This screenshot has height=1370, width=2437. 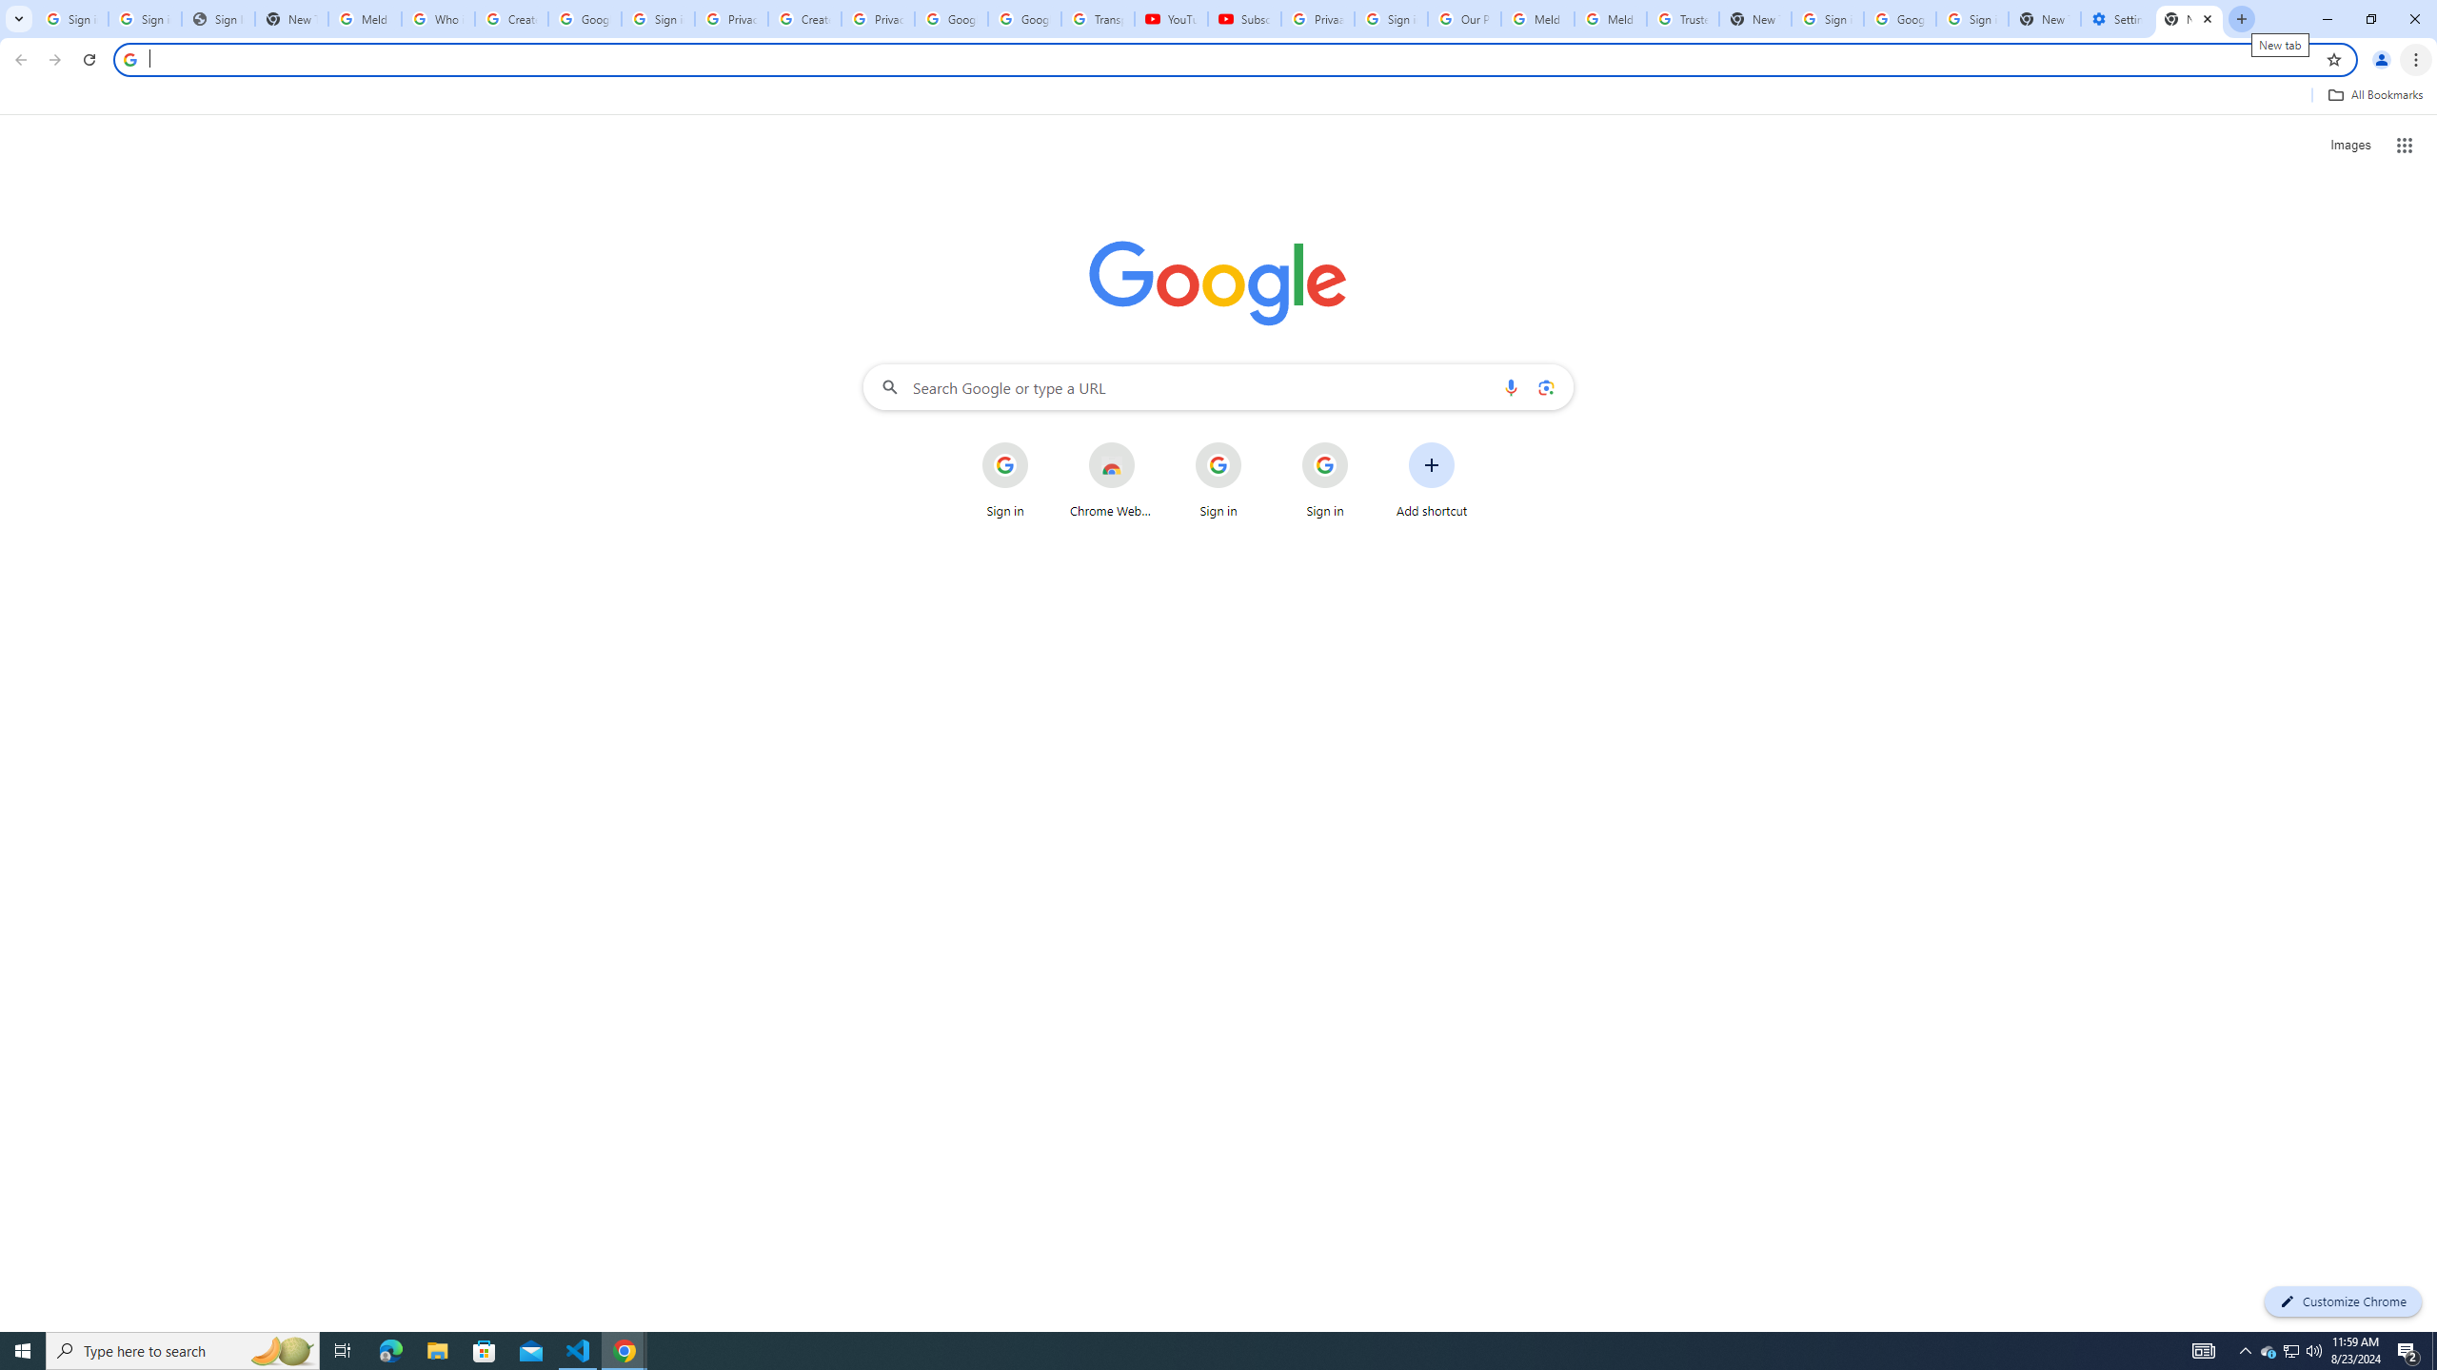 What do you see at coordinates (1218, 385) in the screenshot?
I see `'Search Google or type a URL'` at bounding box center [1218, 385].